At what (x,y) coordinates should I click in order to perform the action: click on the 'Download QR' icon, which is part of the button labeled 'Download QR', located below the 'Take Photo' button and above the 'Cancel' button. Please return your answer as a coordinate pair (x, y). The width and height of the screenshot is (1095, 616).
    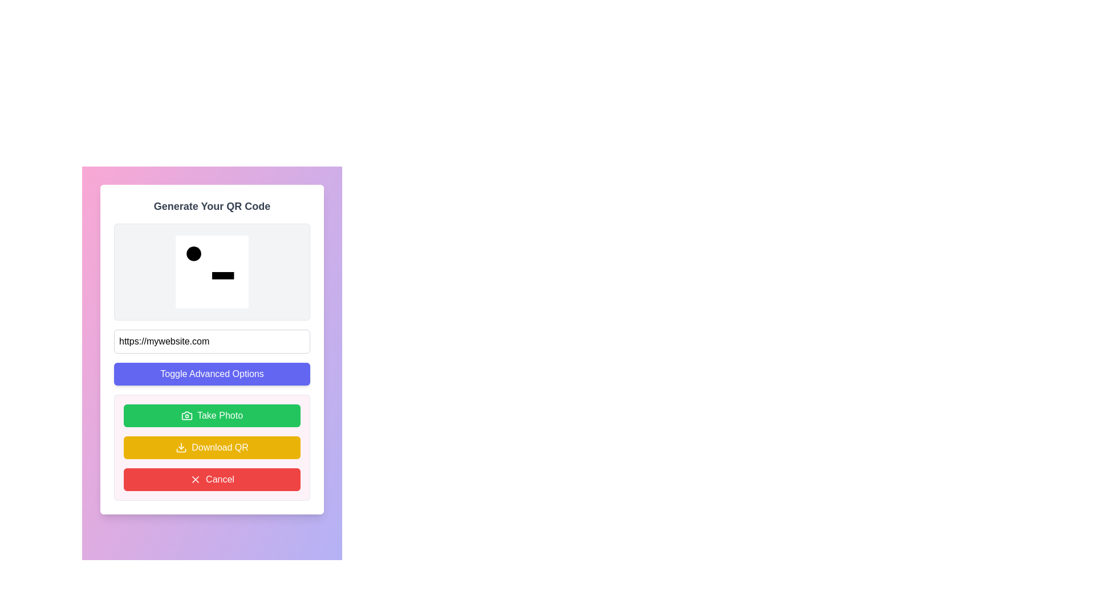
    Looking at the image, I should click on (181, 447).